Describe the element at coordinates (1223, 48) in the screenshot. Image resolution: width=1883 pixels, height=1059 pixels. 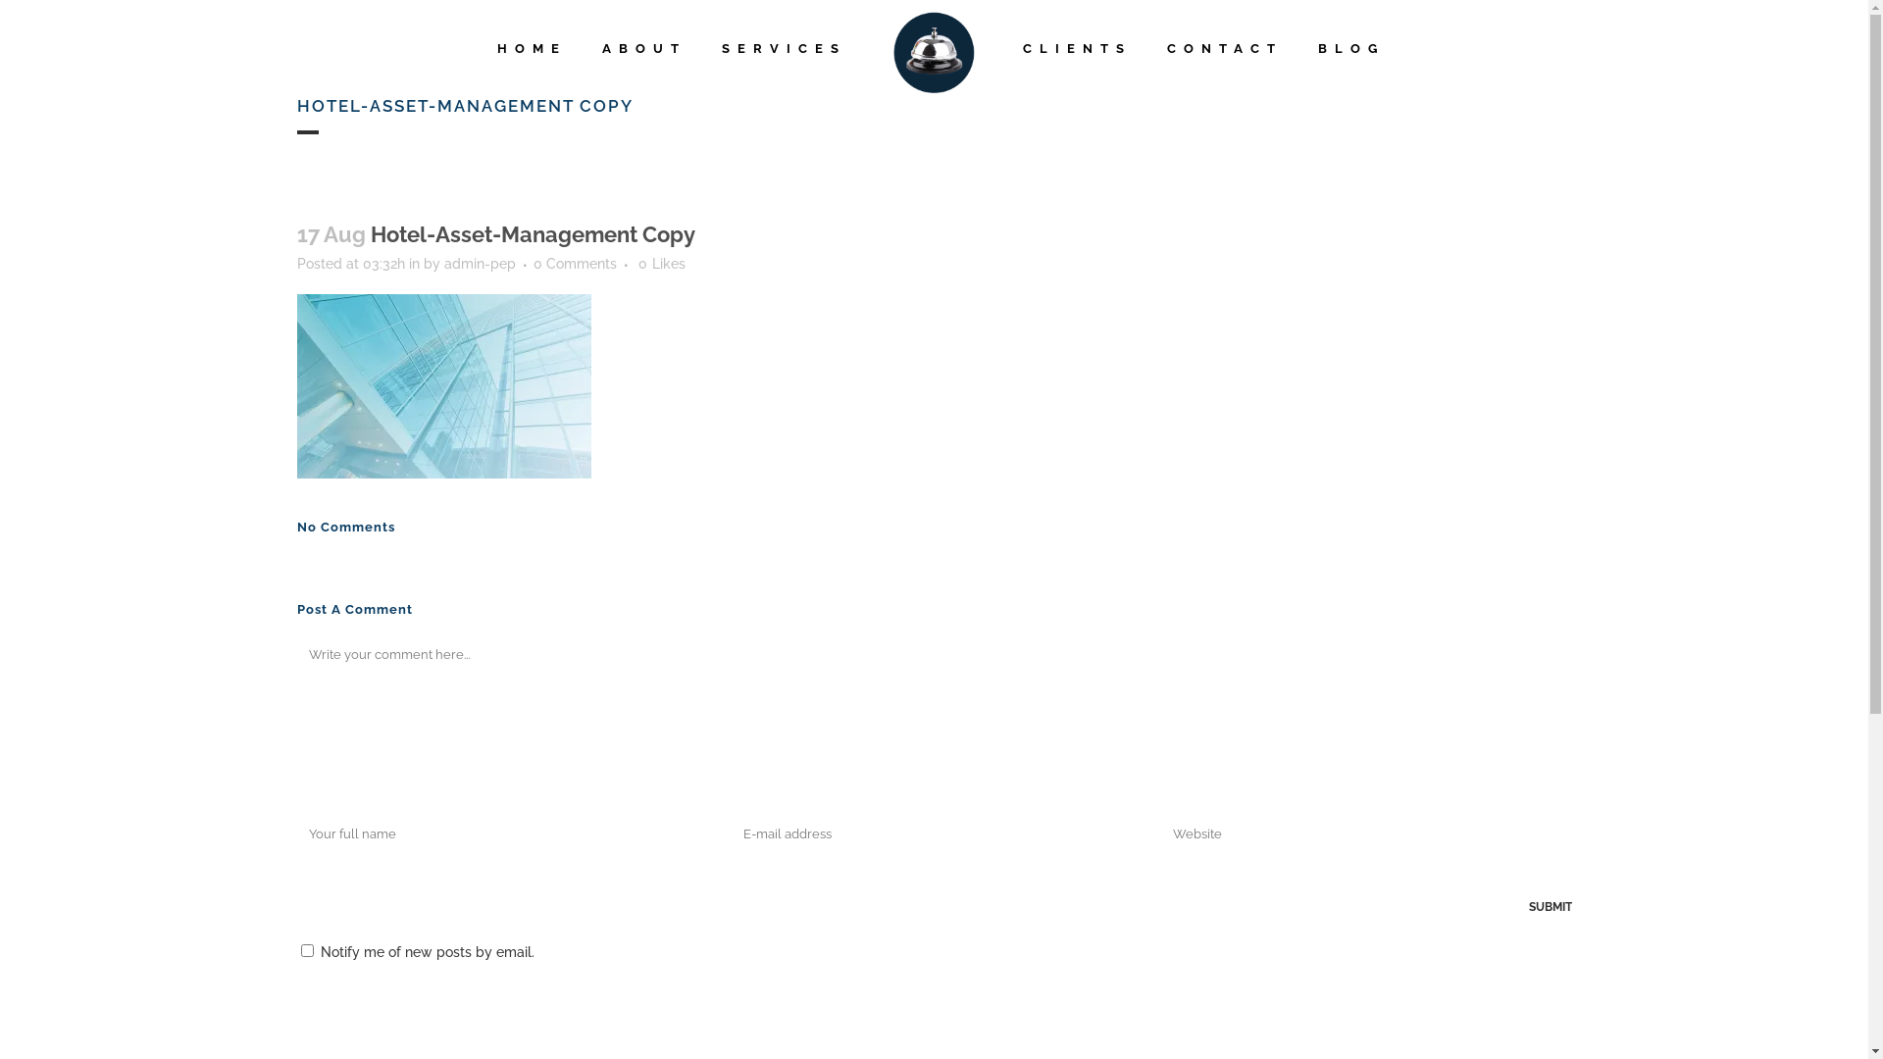
I see `'CONTACT'` at that location.